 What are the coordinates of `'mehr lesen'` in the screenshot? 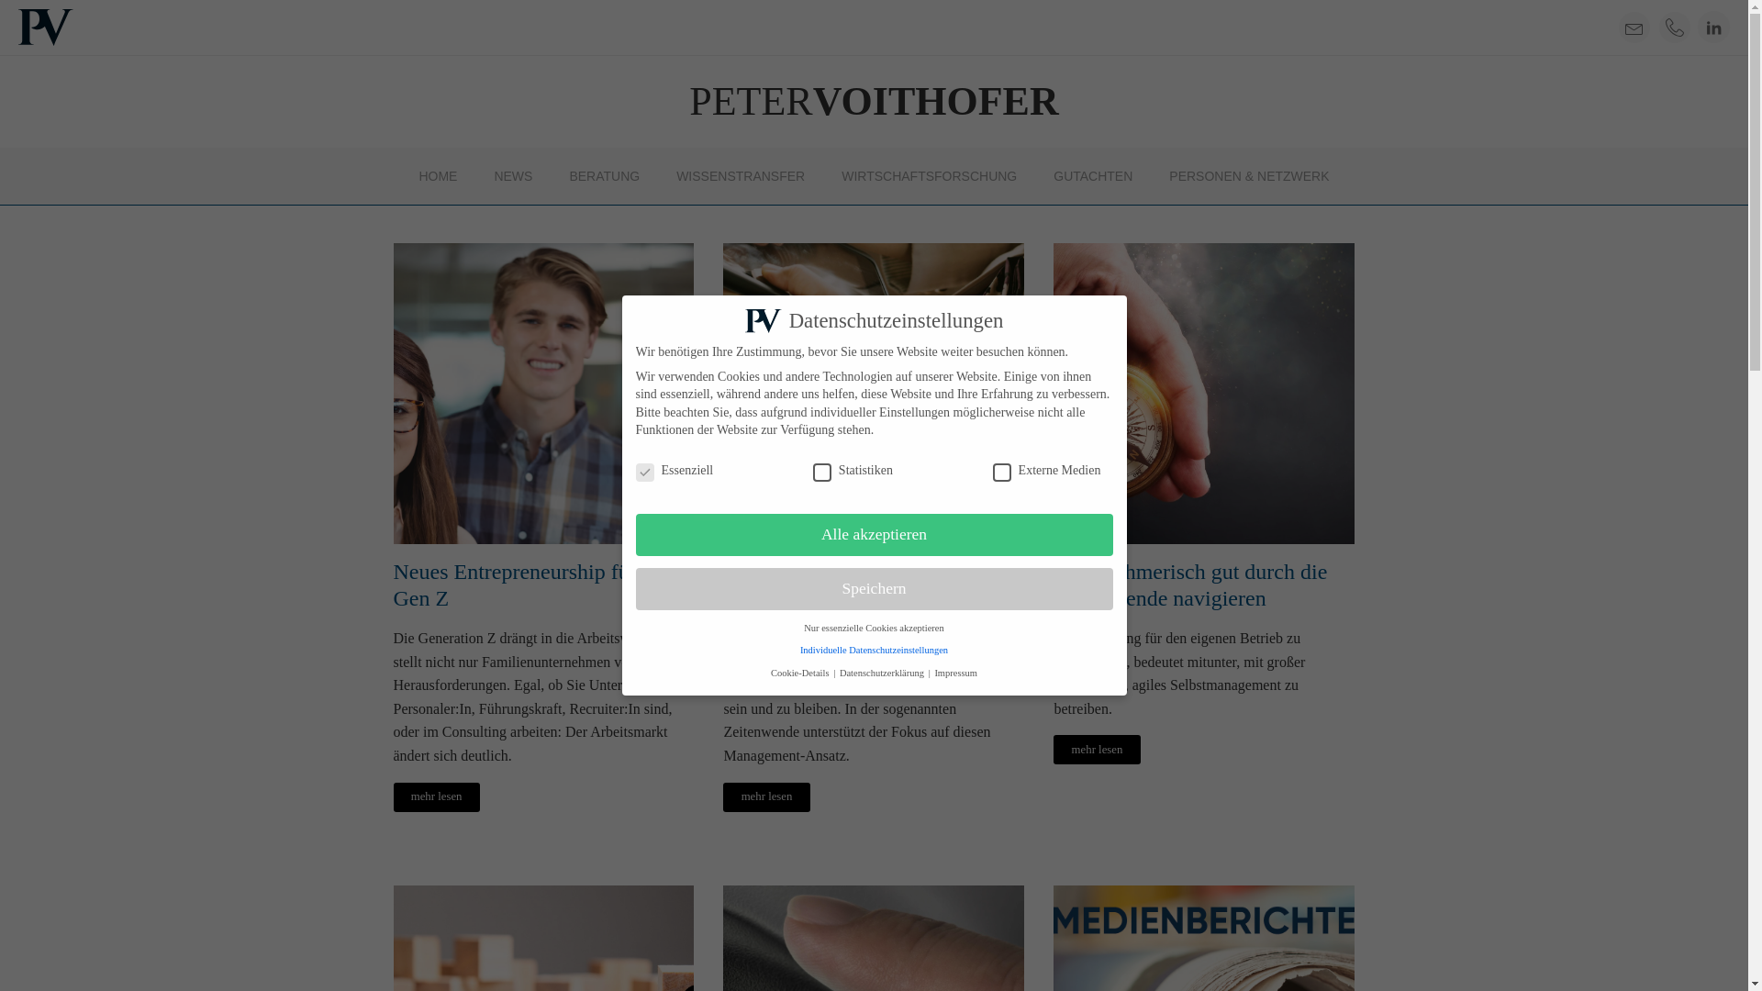 It's located at (766, 796).